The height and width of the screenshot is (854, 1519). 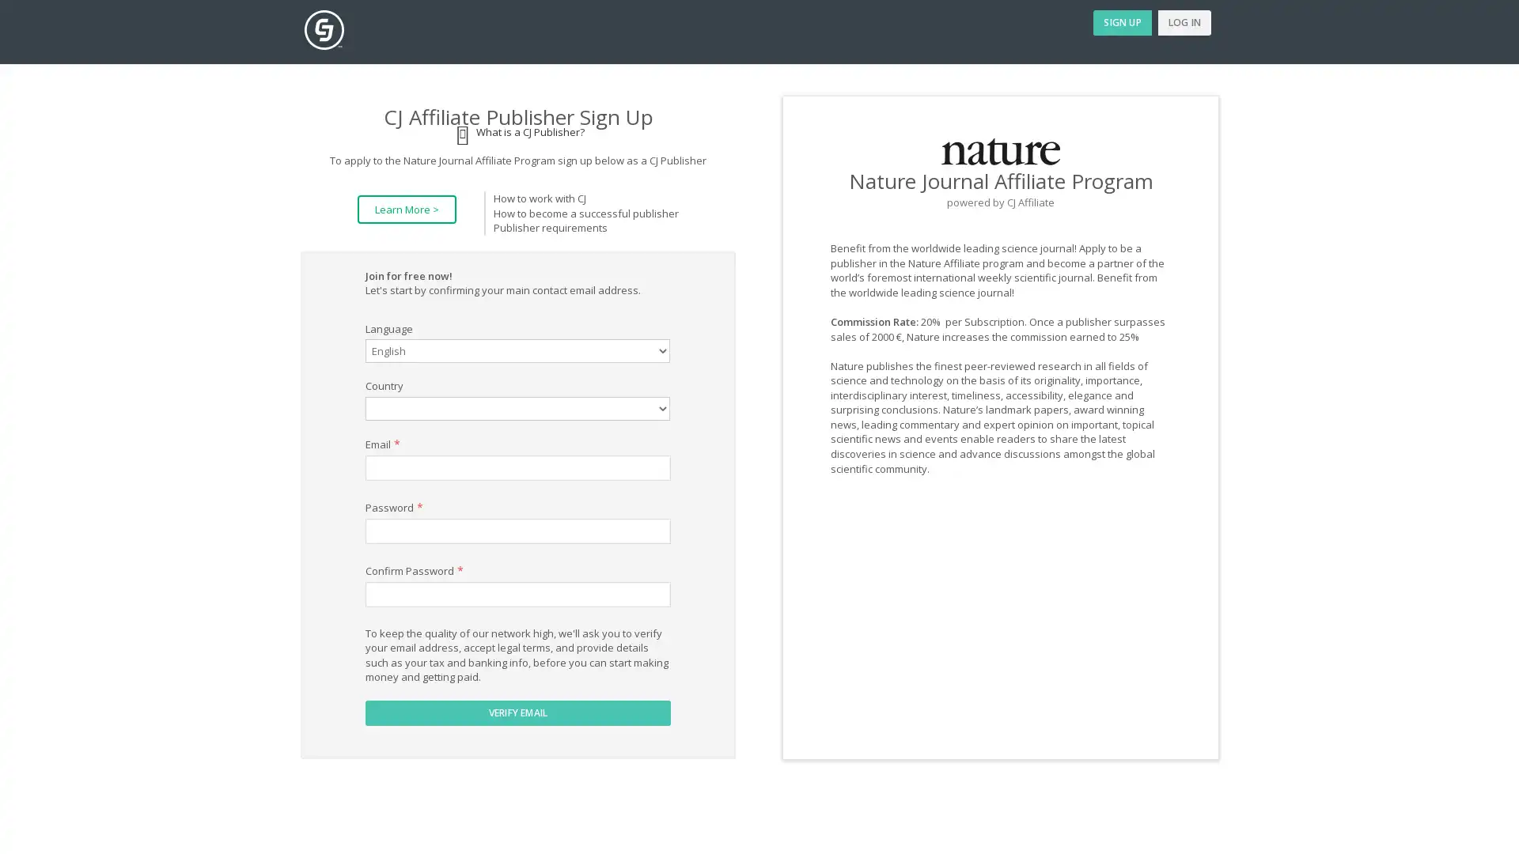 I want to click on Learn More >, so click(x=407, y=209).